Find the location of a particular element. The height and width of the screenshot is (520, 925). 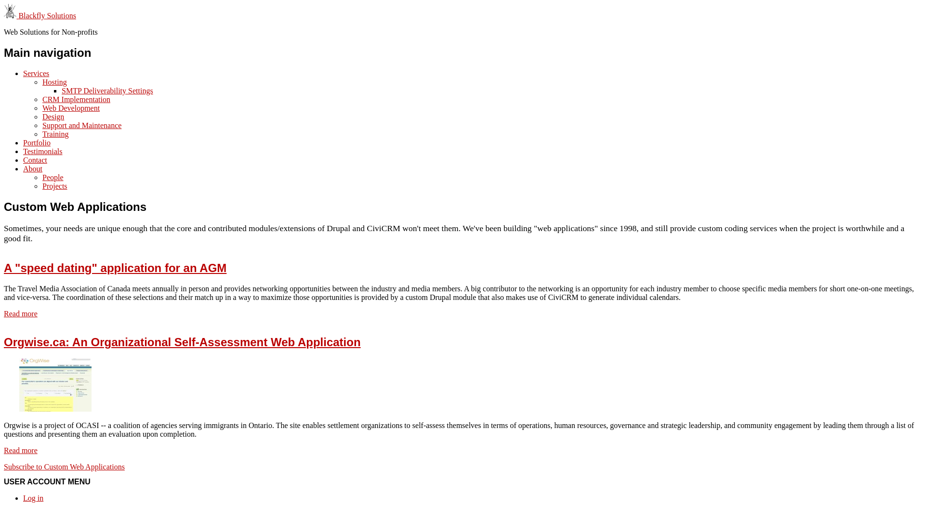

'Blackfly Solutions' is located at coordinates (18, 15).